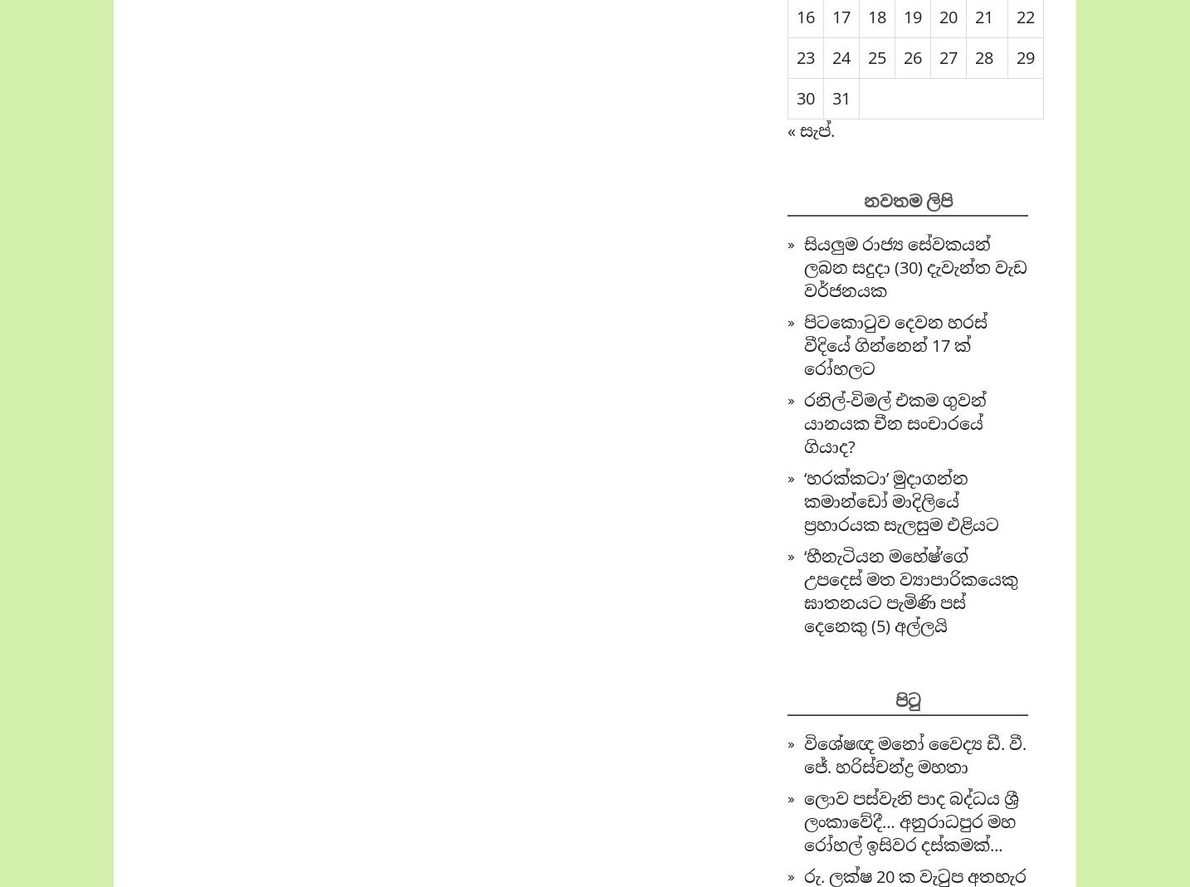 The height and width of the screenshot is (887, 1190). I want to click on '23', so click(804, 56).